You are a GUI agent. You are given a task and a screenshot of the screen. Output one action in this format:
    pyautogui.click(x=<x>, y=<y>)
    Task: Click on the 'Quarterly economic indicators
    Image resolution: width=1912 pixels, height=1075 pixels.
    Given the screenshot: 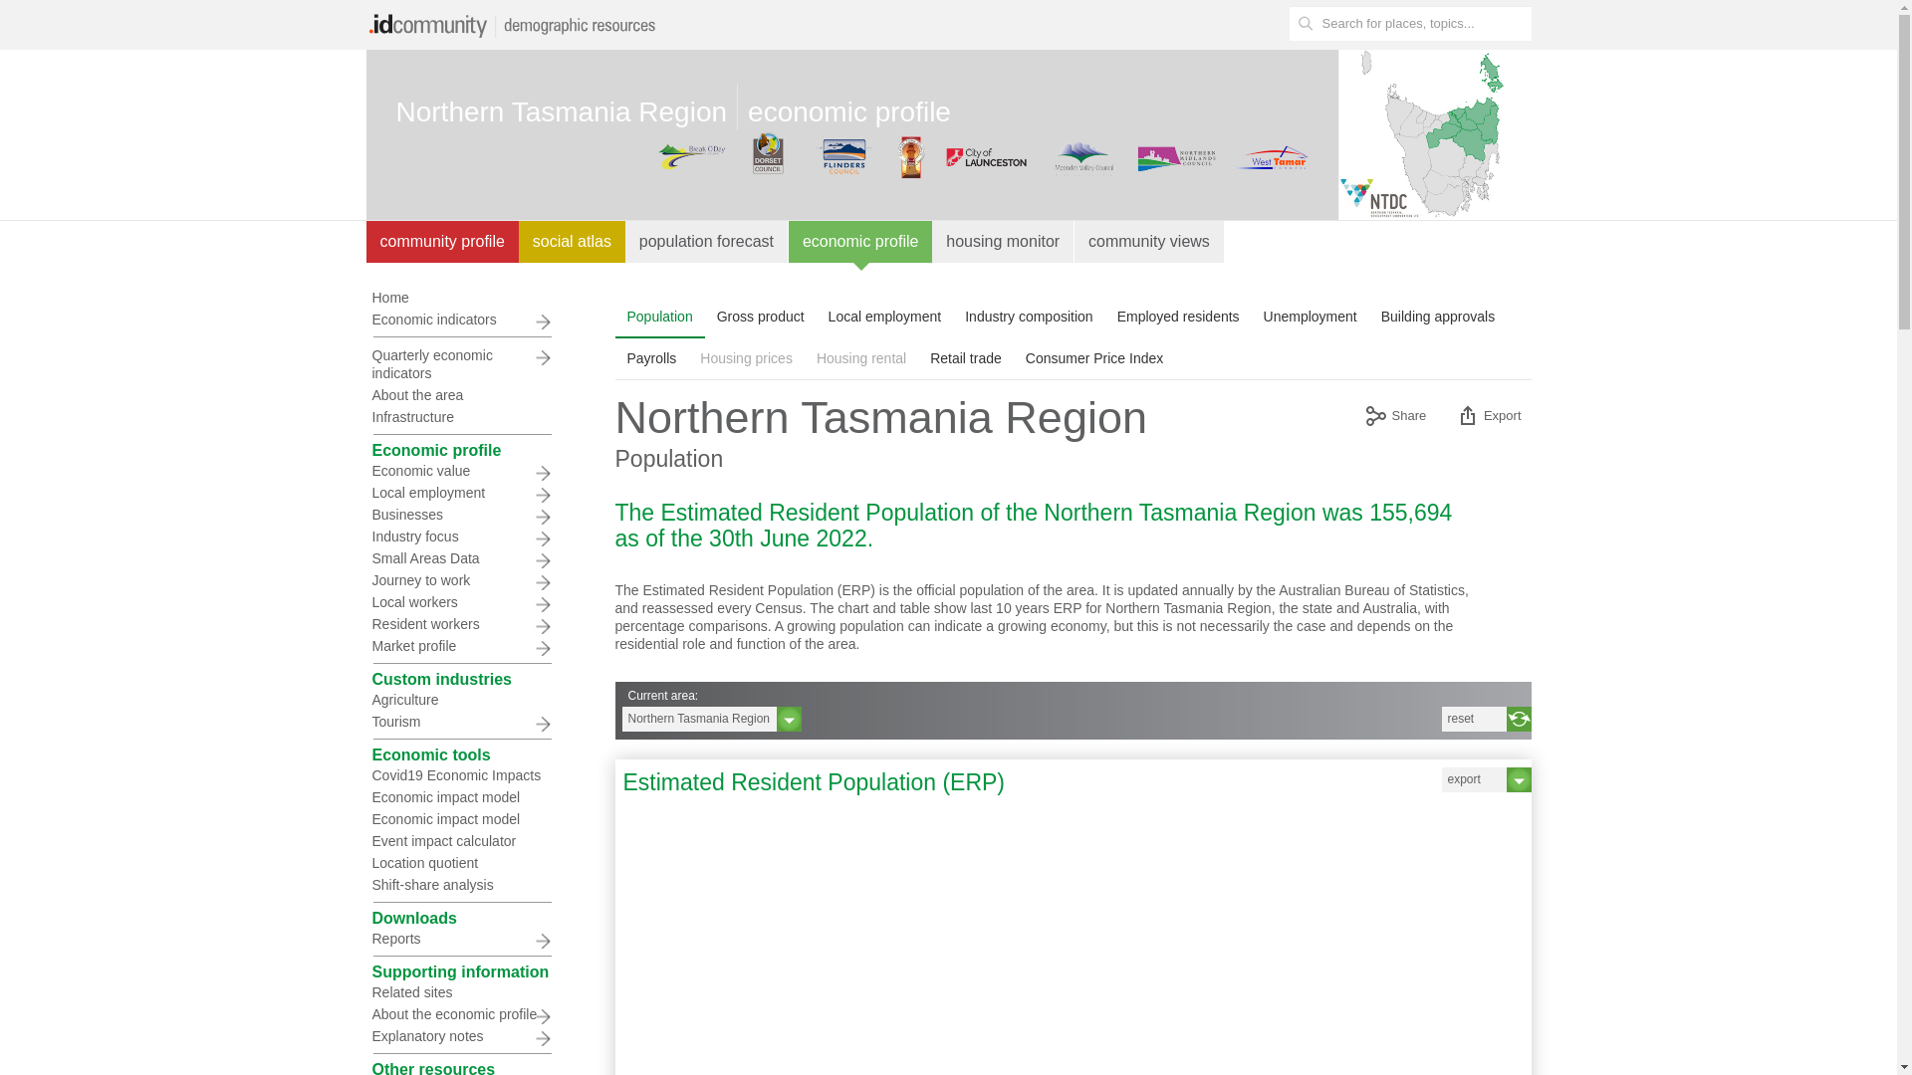 What is the action you would take?
    pyautogui.click(x=459, y=364)
    